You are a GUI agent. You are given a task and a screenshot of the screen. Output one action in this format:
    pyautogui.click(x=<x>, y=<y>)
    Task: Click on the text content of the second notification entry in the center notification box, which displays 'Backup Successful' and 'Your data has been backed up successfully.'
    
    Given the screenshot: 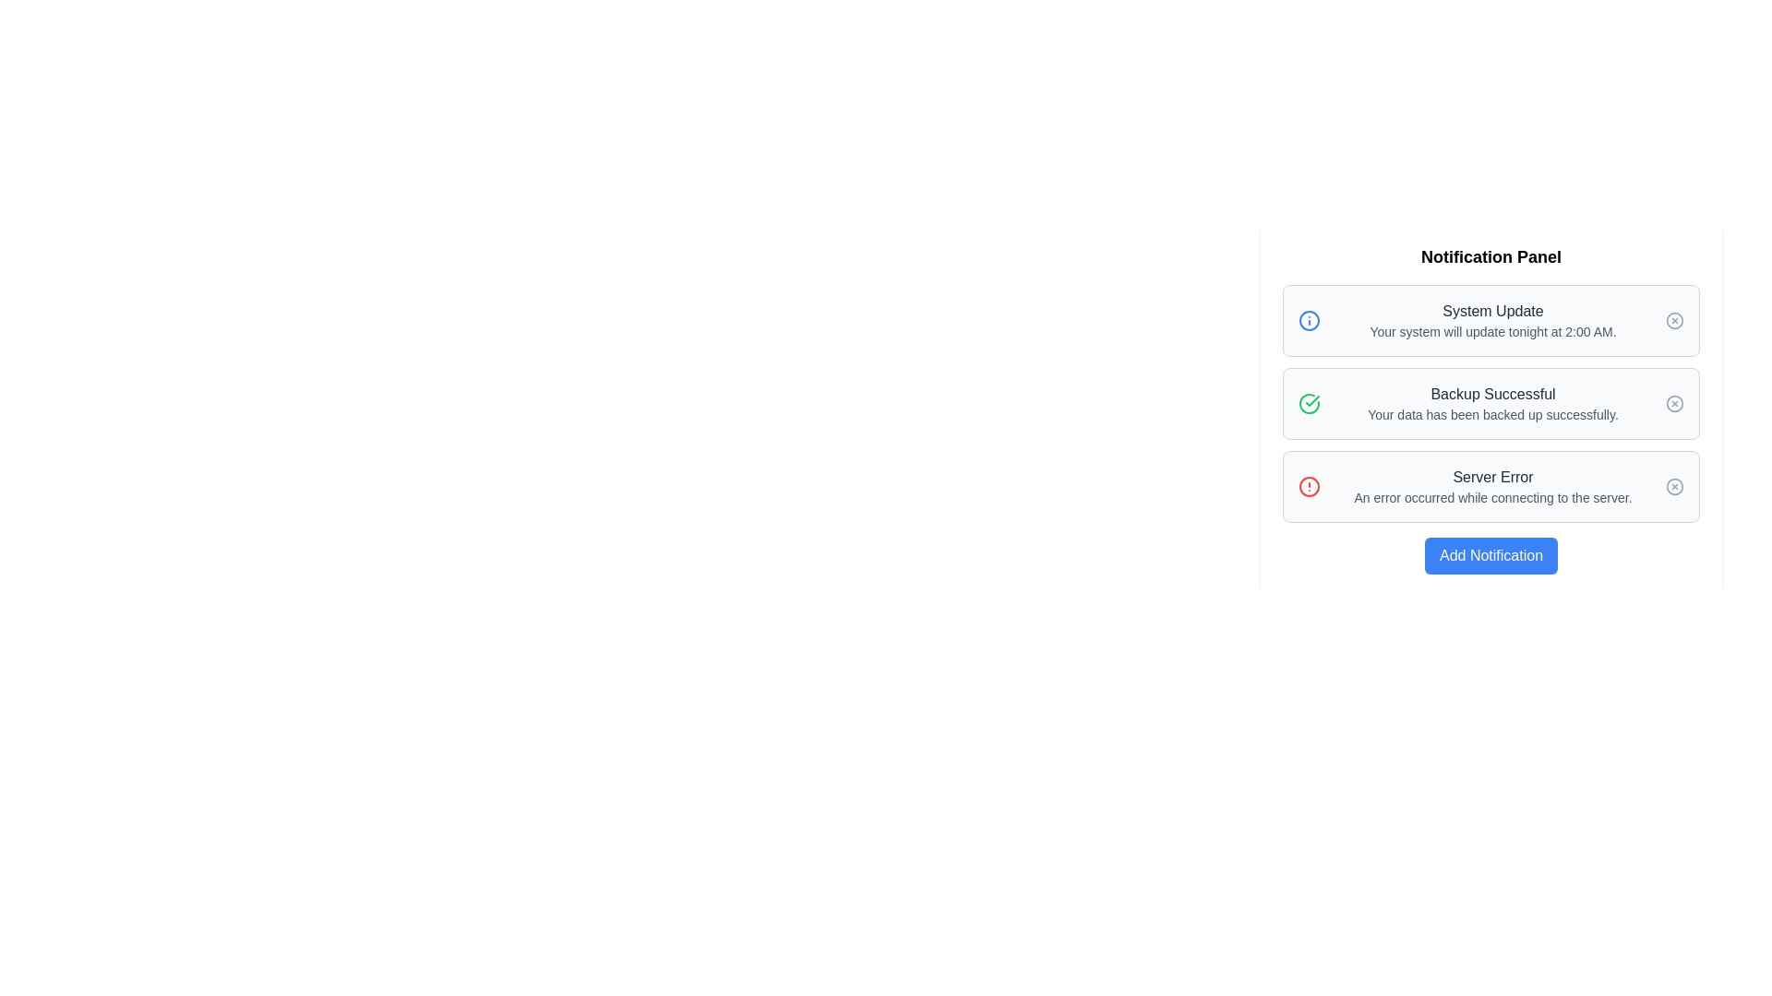 What is the action you would take?
    pyautogui.click(x=1492, y=403)
    